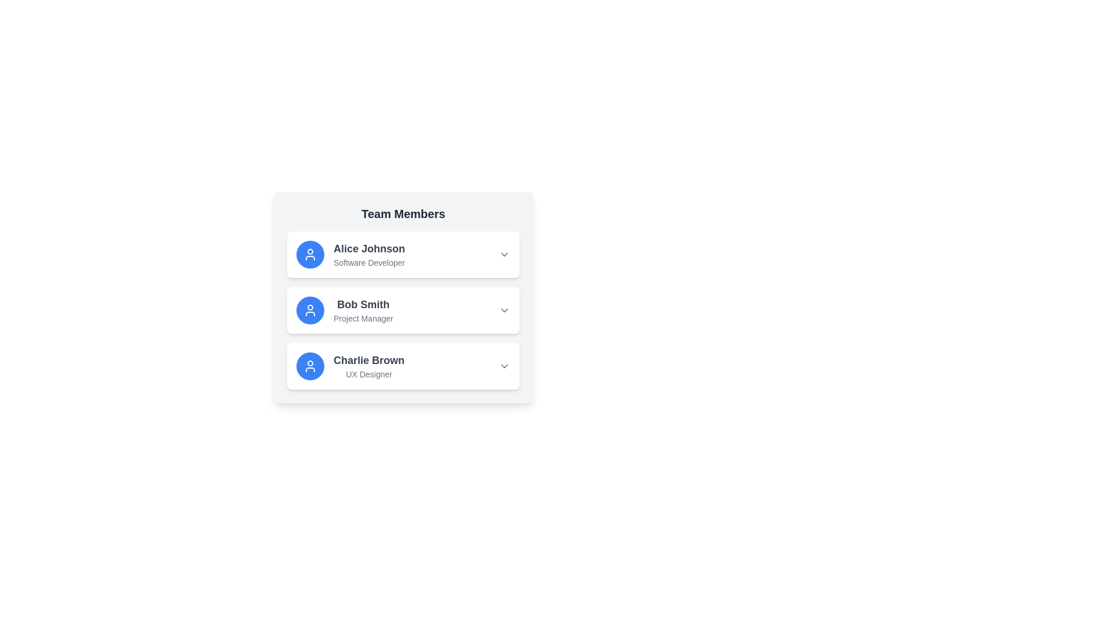  I want to click on the text label displaying 'Project Manager', which is located below 'Bob Smith' in the 'Team Members' section, so click(363, 318).